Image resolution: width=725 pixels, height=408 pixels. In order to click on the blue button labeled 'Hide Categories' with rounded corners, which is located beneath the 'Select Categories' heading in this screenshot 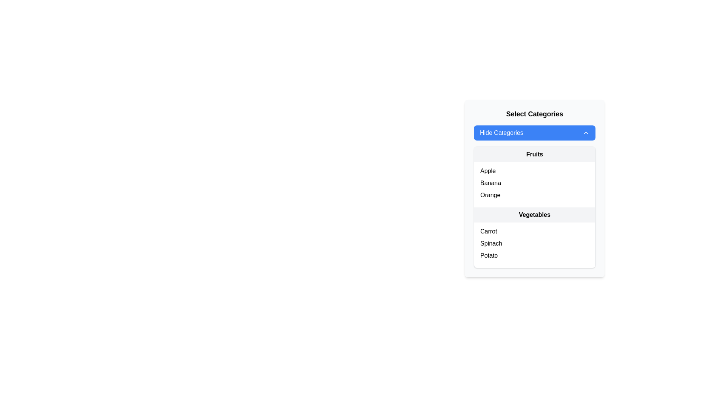, I will do `click(534, 132)`.